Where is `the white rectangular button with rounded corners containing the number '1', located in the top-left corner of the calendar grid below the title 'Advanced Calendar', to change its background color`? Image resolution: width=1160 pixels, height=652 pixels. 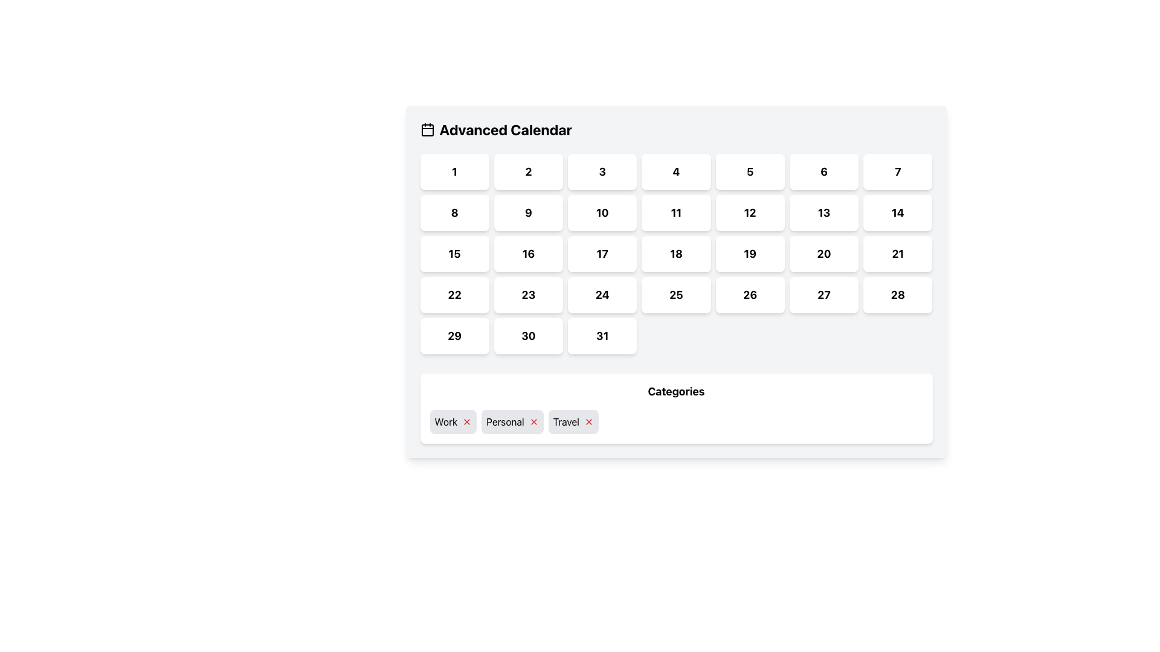
the white rectangular button with rounded corners containing the number '1', located in the top-left corner of the calendar grid below the title 'Advanced Calendar', to change its background color is located at coordinates (454, 172).